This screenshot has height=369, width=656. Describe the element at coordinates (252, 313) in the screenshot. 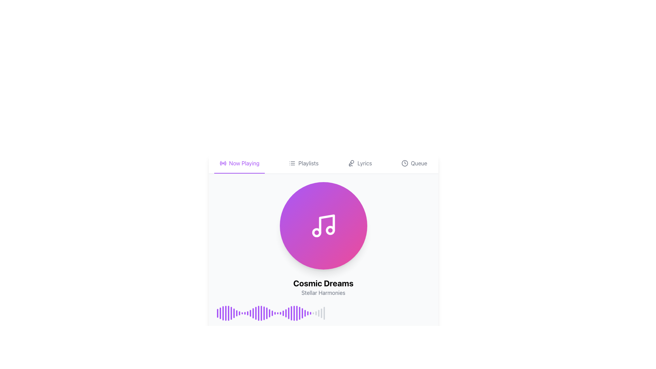

I see `the 14th bar of the waveform visualization to manipulate the audio representation` at that location.